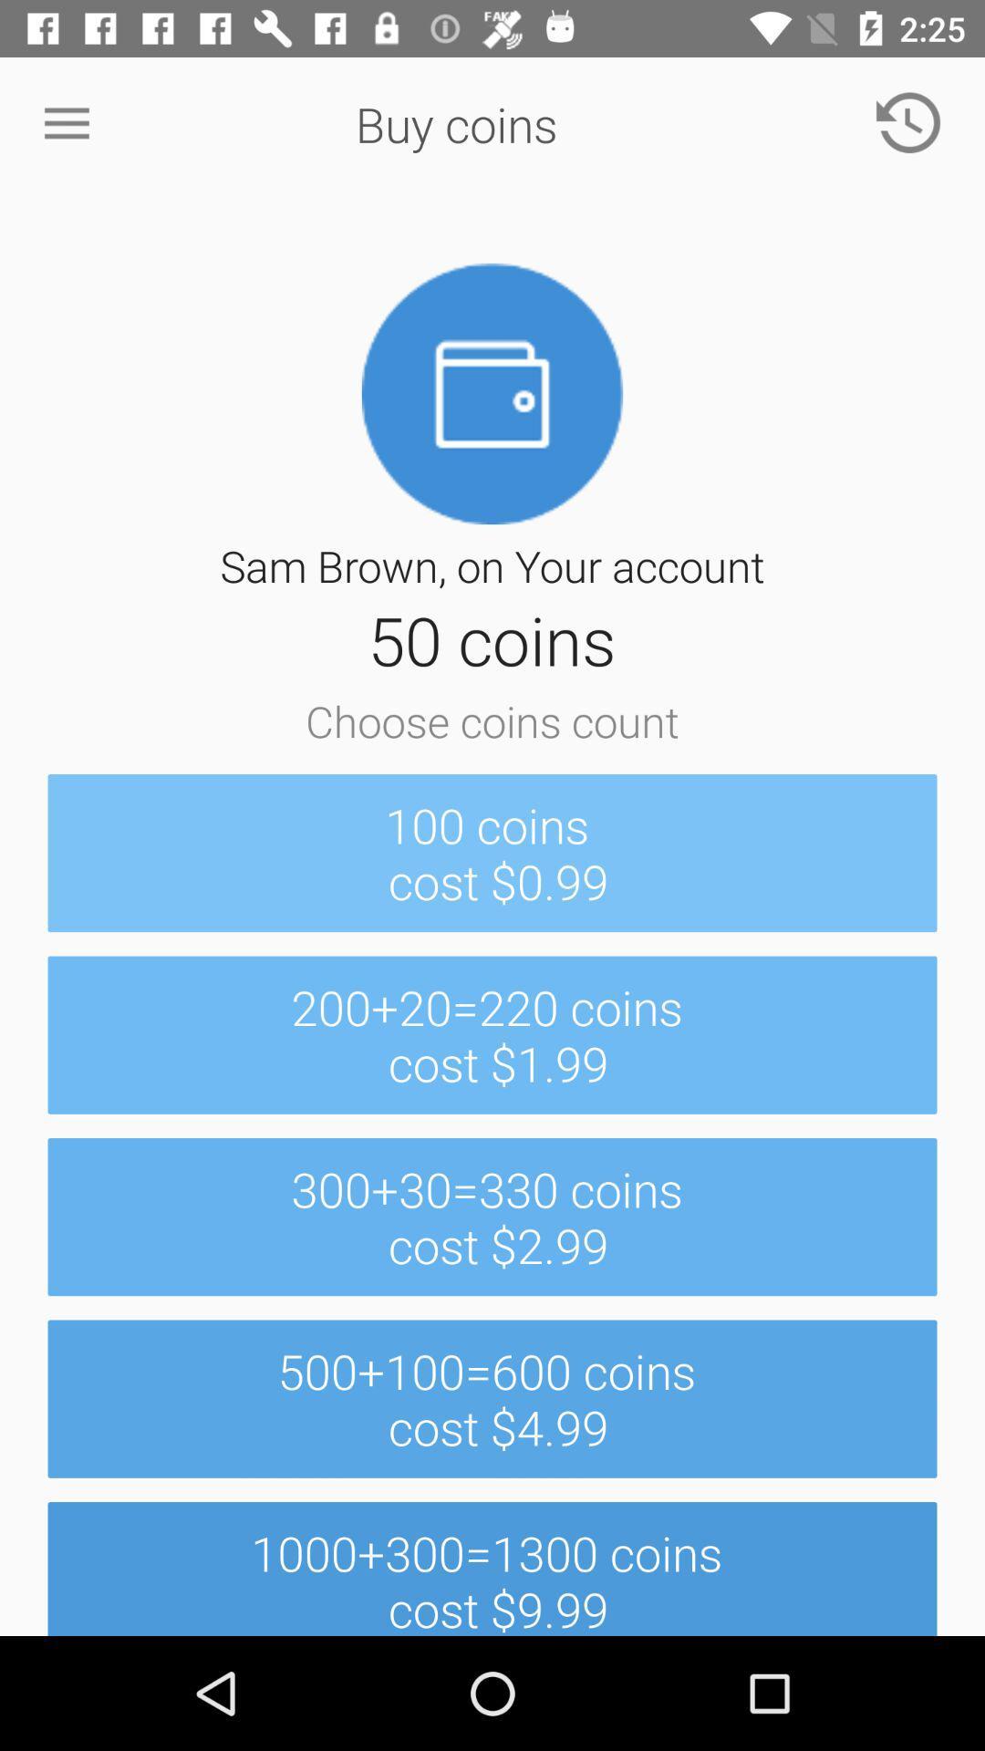 The image size is (985, 1751). I want to click on the item above 100 coins cost, so click(907, 123).